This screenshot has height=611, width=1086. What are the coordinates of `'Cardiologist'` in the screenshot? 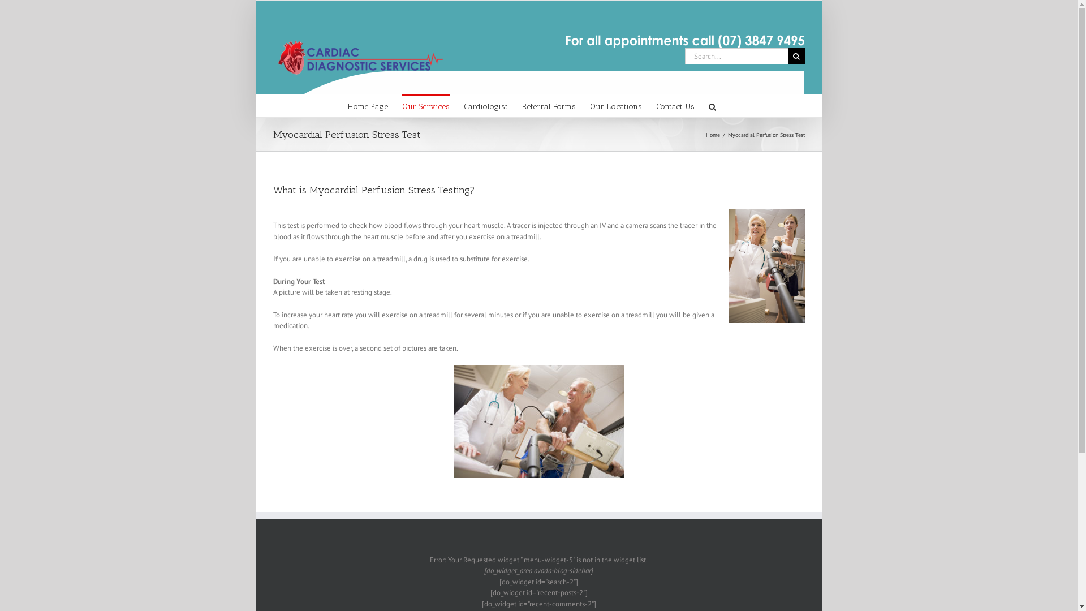 It's located at (486, 105).